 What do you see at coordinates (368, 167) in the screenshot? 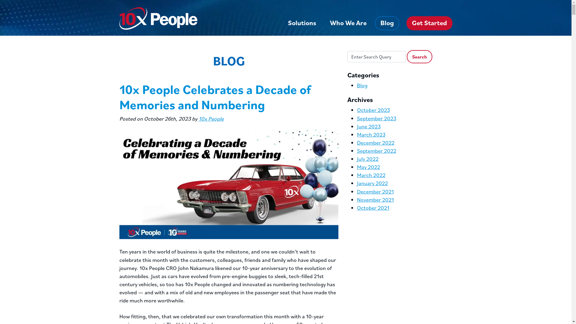
I see `'May 2022'` at bounding box center [368, 167].